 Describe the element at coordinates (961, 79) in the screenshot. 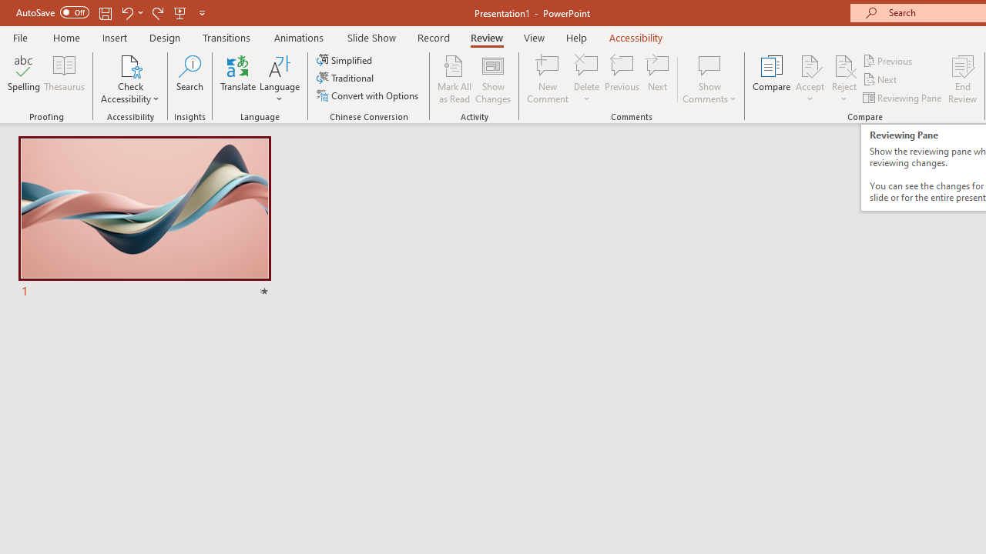

I see `'End Review'` at that location.